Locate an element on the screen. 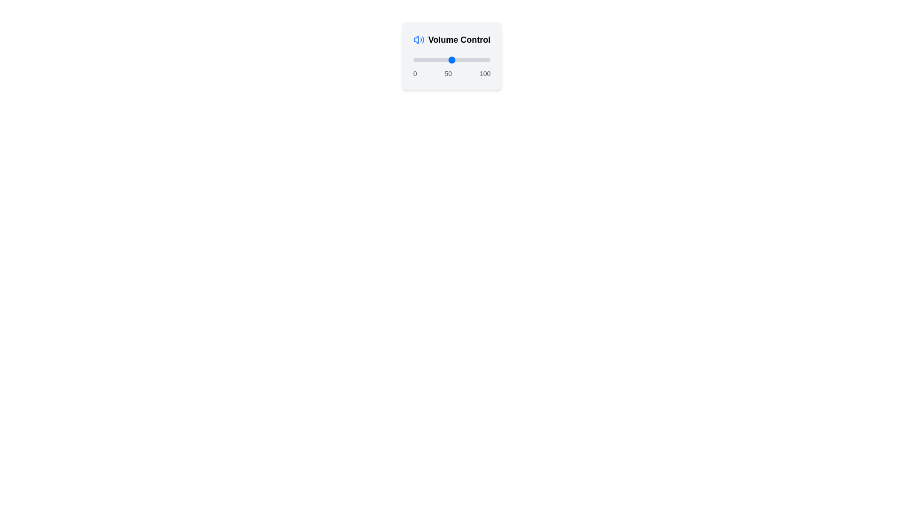  numeric labels '0', '50', and '100' that provide visual guidance for volume levels on the slider located below the slider control in the 'Volume Control' card is located at coordinates (451, 73).